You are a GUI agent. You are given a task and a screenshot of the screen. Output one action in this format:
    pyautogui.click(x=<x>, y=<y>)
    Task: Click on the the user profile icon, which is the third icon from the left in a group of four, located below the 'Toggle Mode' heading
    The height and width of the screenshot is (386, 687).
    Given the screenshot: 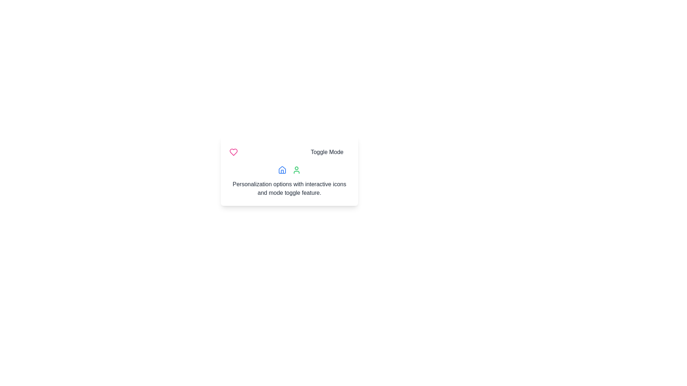 What is the action you would take?
    pyautogui.click(x=297, y=169)
    